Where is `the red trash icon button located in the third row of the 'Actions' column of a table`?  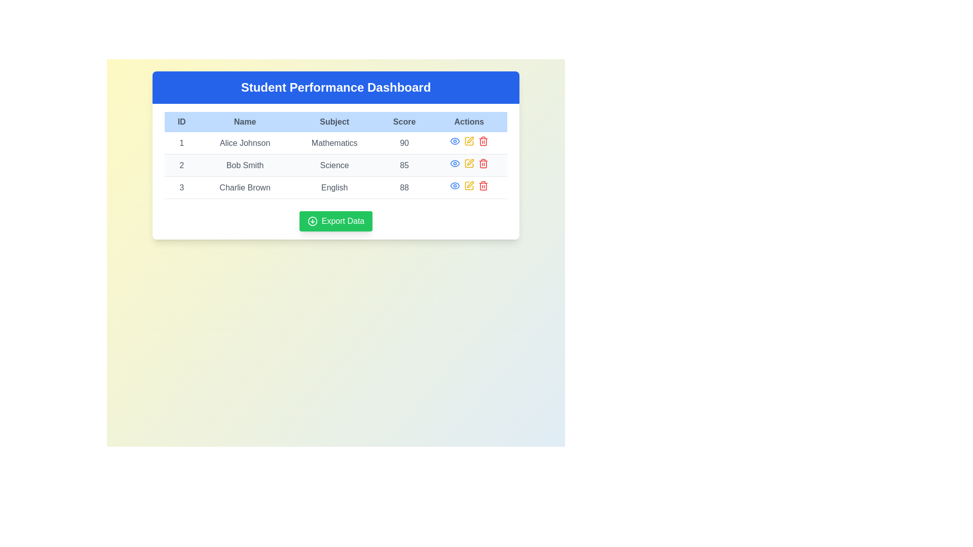
the red trash icon button located in the third row of the 'Actions' column of a table is located at coordinates (482, 141).